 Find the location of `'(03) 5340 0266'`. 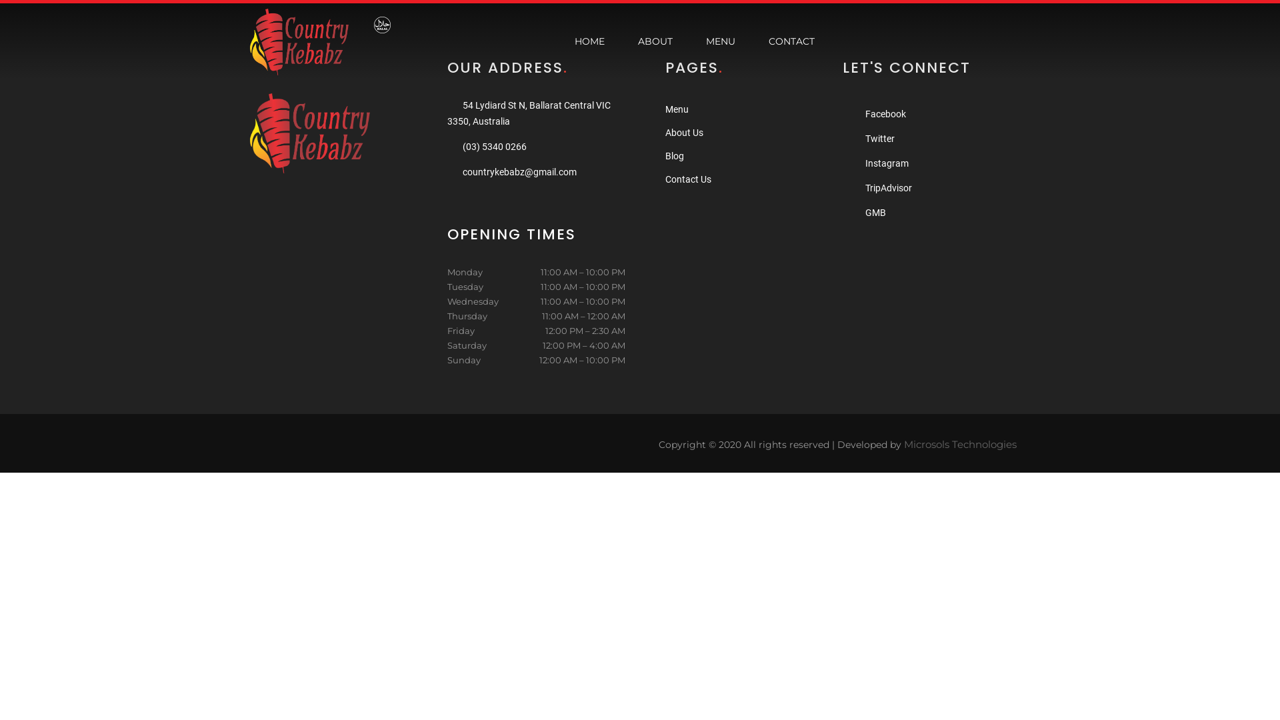

'(03) 5340 0266' is located at coordinates (494, 146).